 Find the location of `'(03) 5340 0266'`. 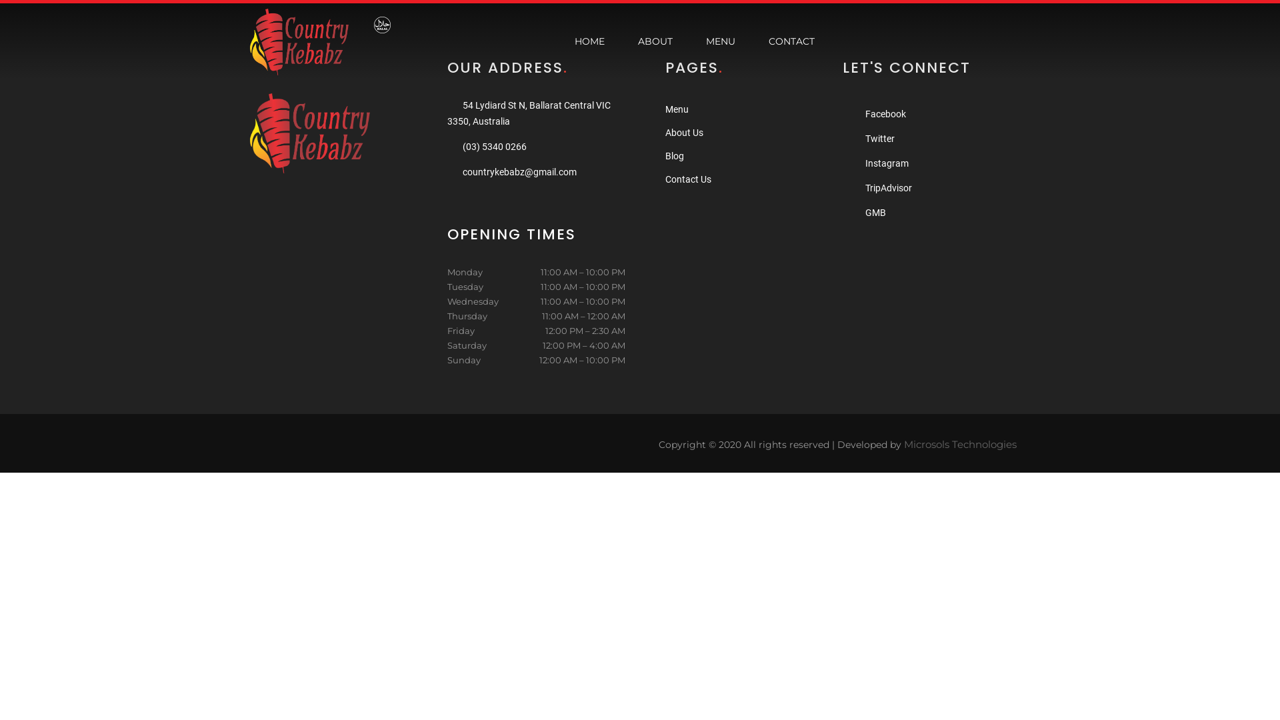

'(03) 5340 0266' is located at coordinates (494, 146).